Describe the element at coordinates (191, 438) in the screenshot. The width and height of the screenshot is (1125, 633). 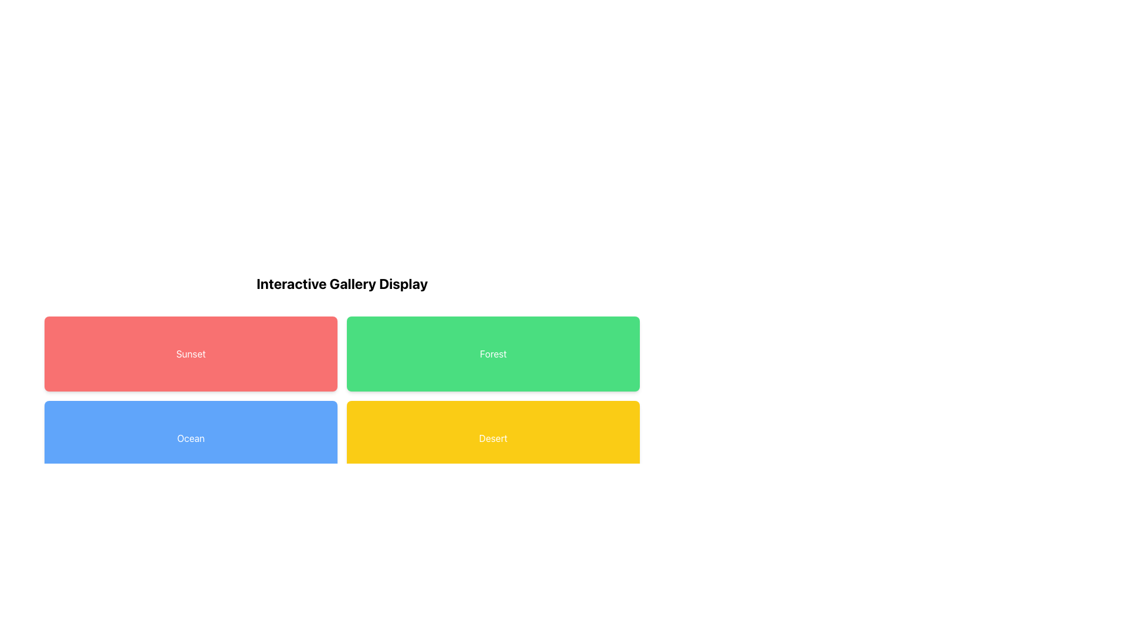
I see `the 'Ocean' card located in the second row and first column of the gallery layout` at that location.